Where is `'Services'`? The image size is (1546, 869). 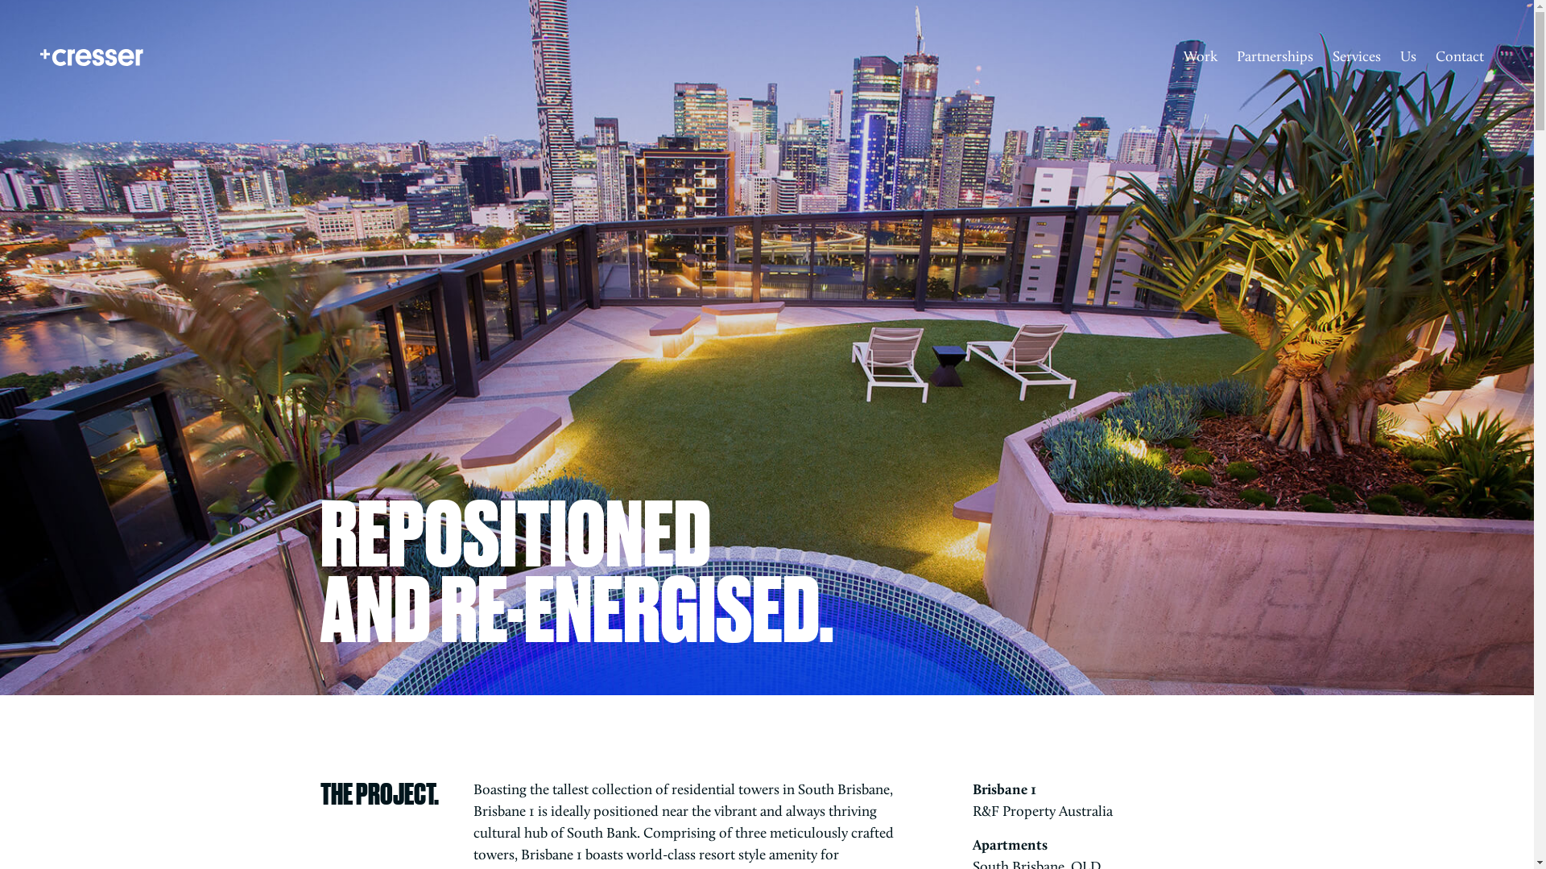 'Services' is located at coordinates (1355, 56).